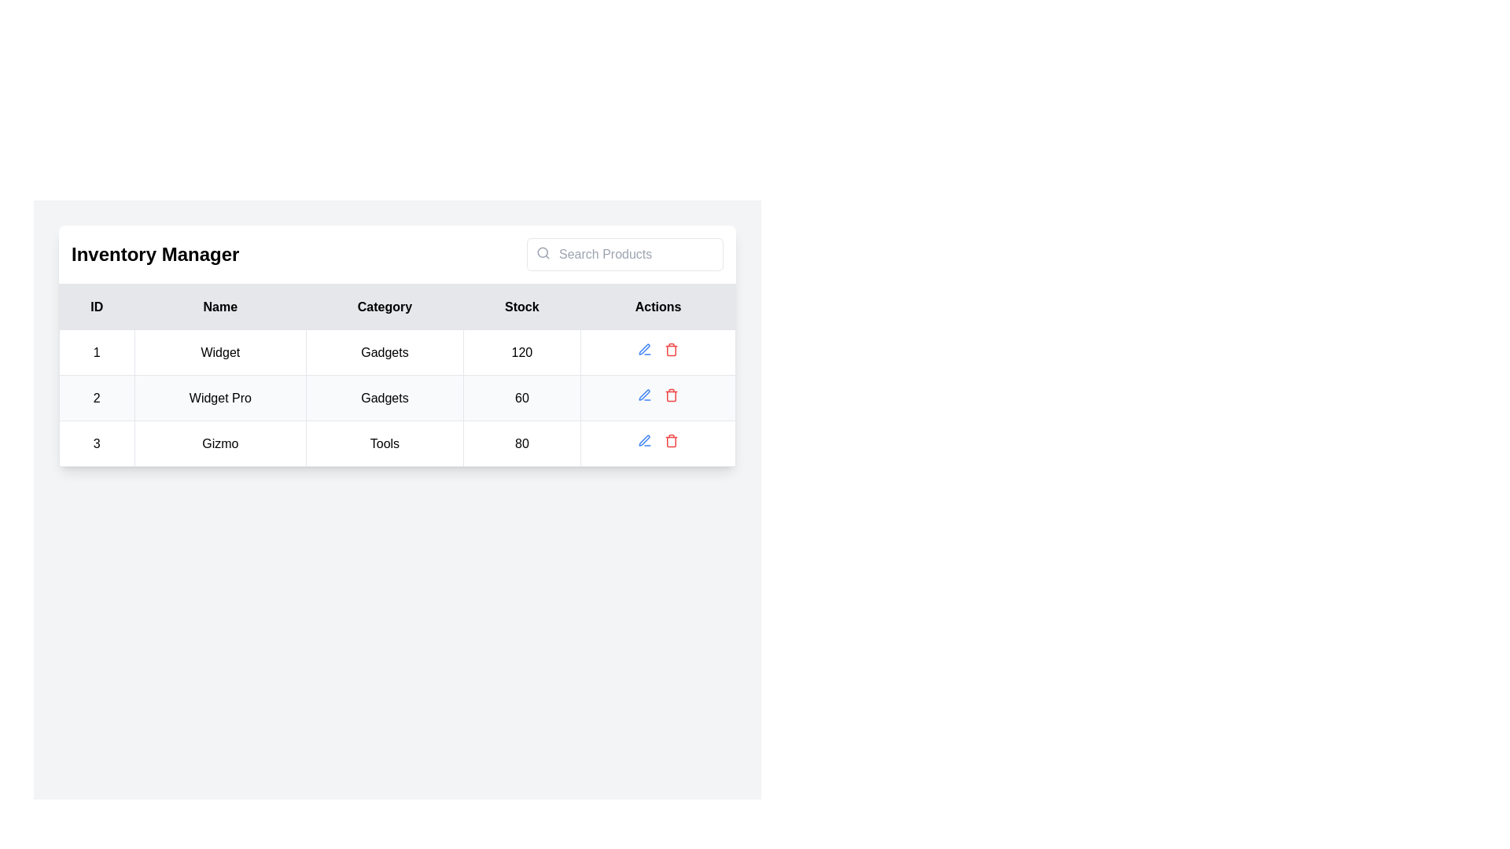  I want to click on the small circular search icon (magnifying glass) located on the left side of the search input box, so click(543, 252).